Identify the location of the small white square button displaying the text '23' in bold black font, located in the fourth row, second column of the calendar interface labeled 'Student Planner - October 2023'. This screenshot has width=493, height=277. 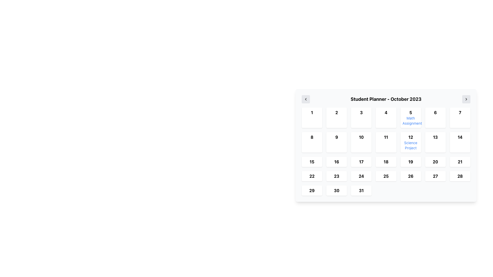
(337, 176).